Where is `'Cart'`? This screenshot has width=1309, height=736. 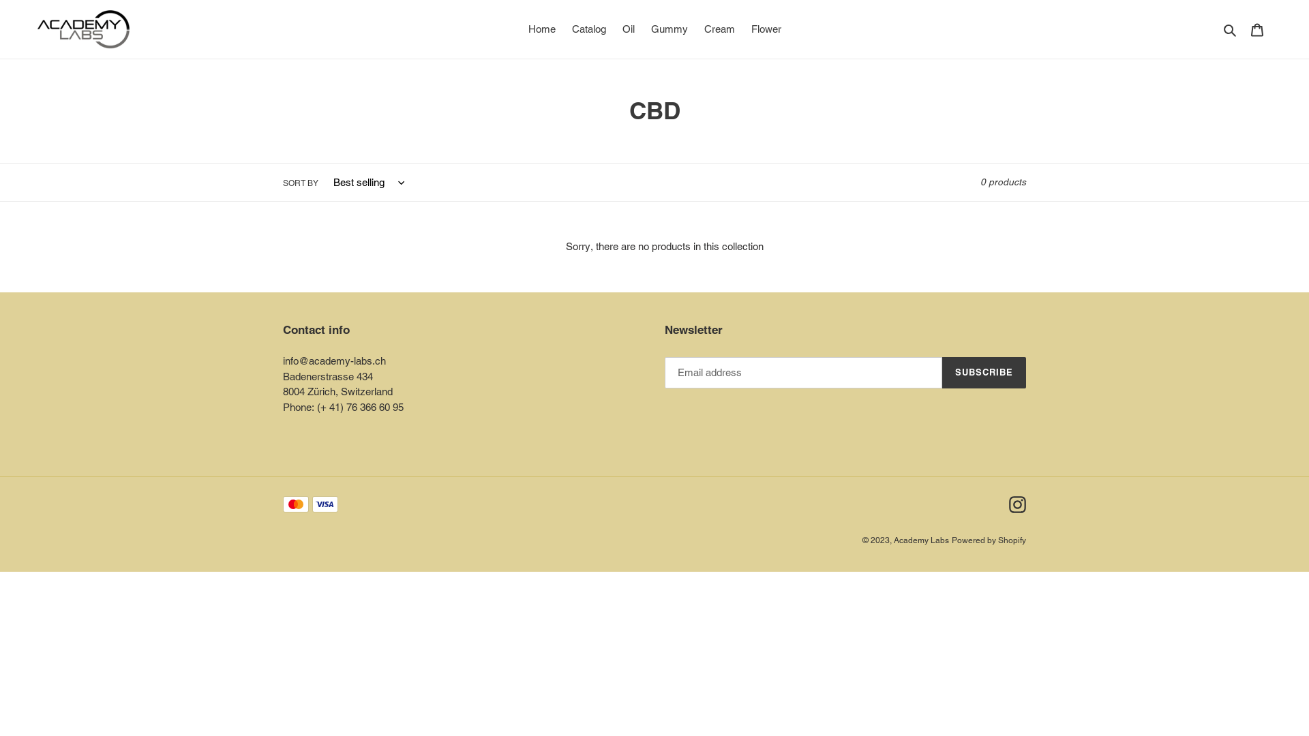 'Cart' is located at coordinates (1256, 29).